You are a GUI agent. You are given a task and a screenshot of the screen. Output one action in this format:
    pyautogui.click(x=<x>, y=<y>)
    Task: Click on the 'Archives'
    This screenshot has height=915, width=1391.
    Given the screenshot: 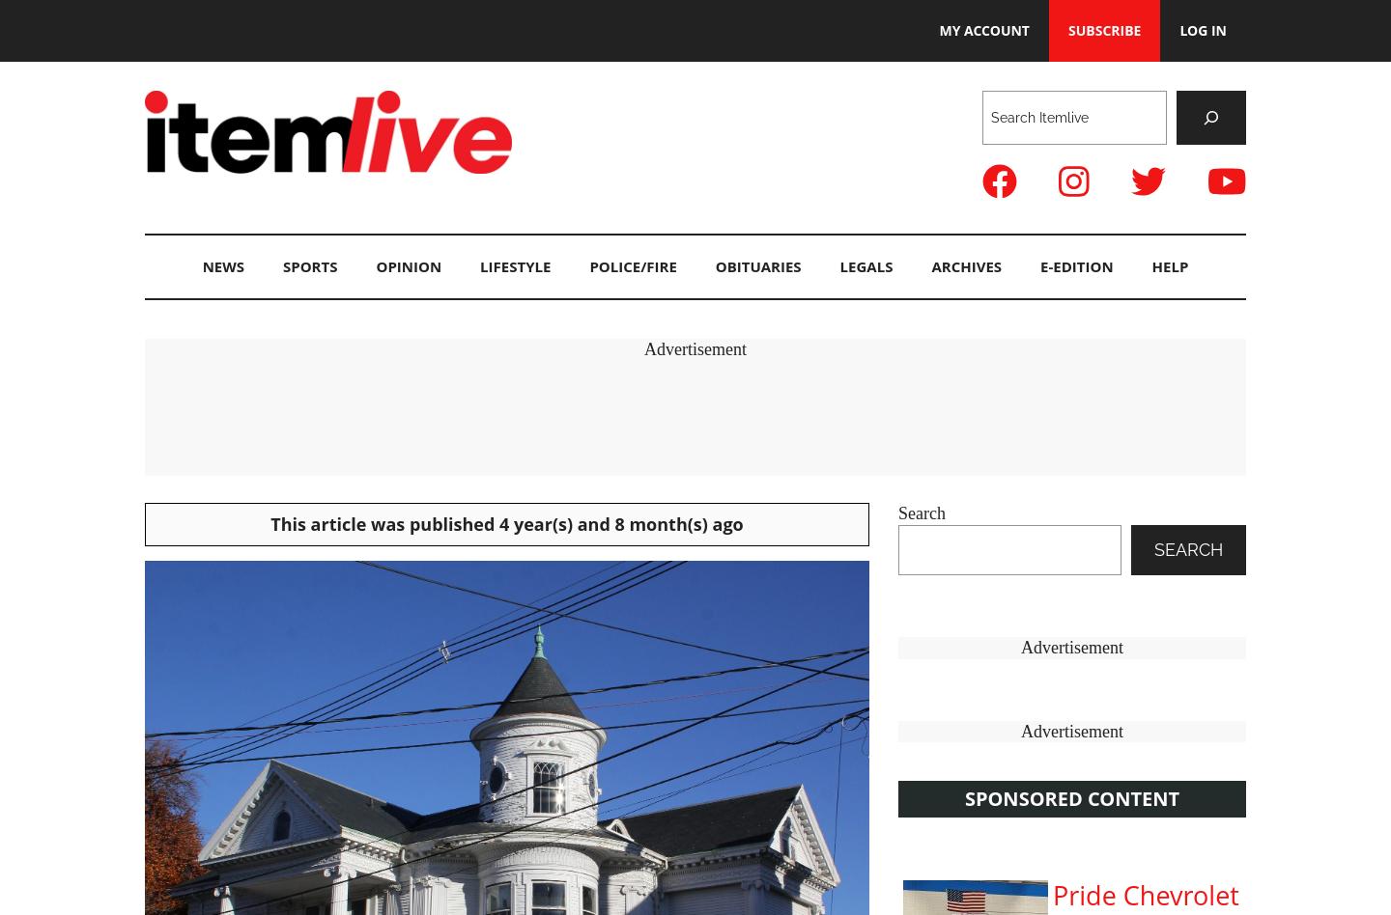 What is the action you would take?
    pyautogui.click(x=965, y=265)
    